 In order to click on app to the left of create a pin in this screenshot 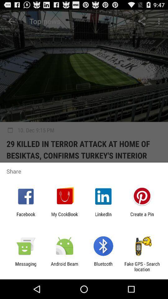, I will do `click(103, 217)`.